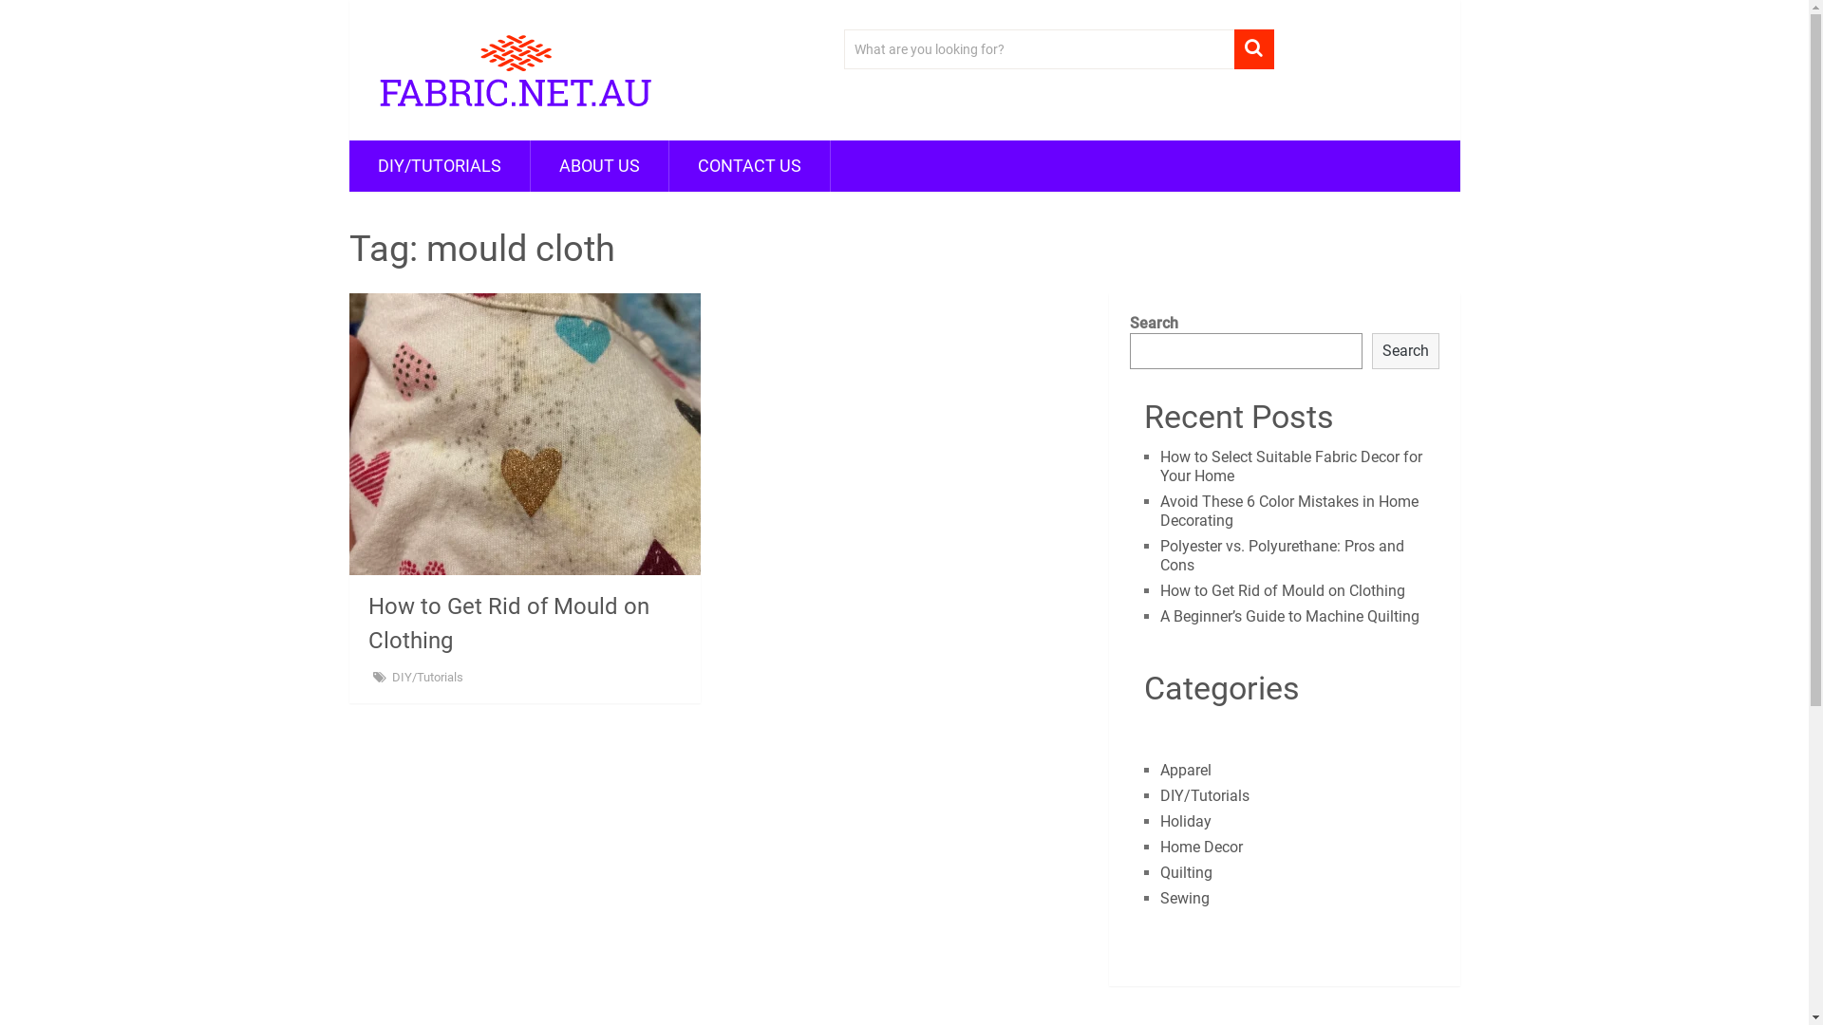 The width and height of the screenshot is (1823, 1025). I want to click on 'CONTACT US', so click(747, 164).